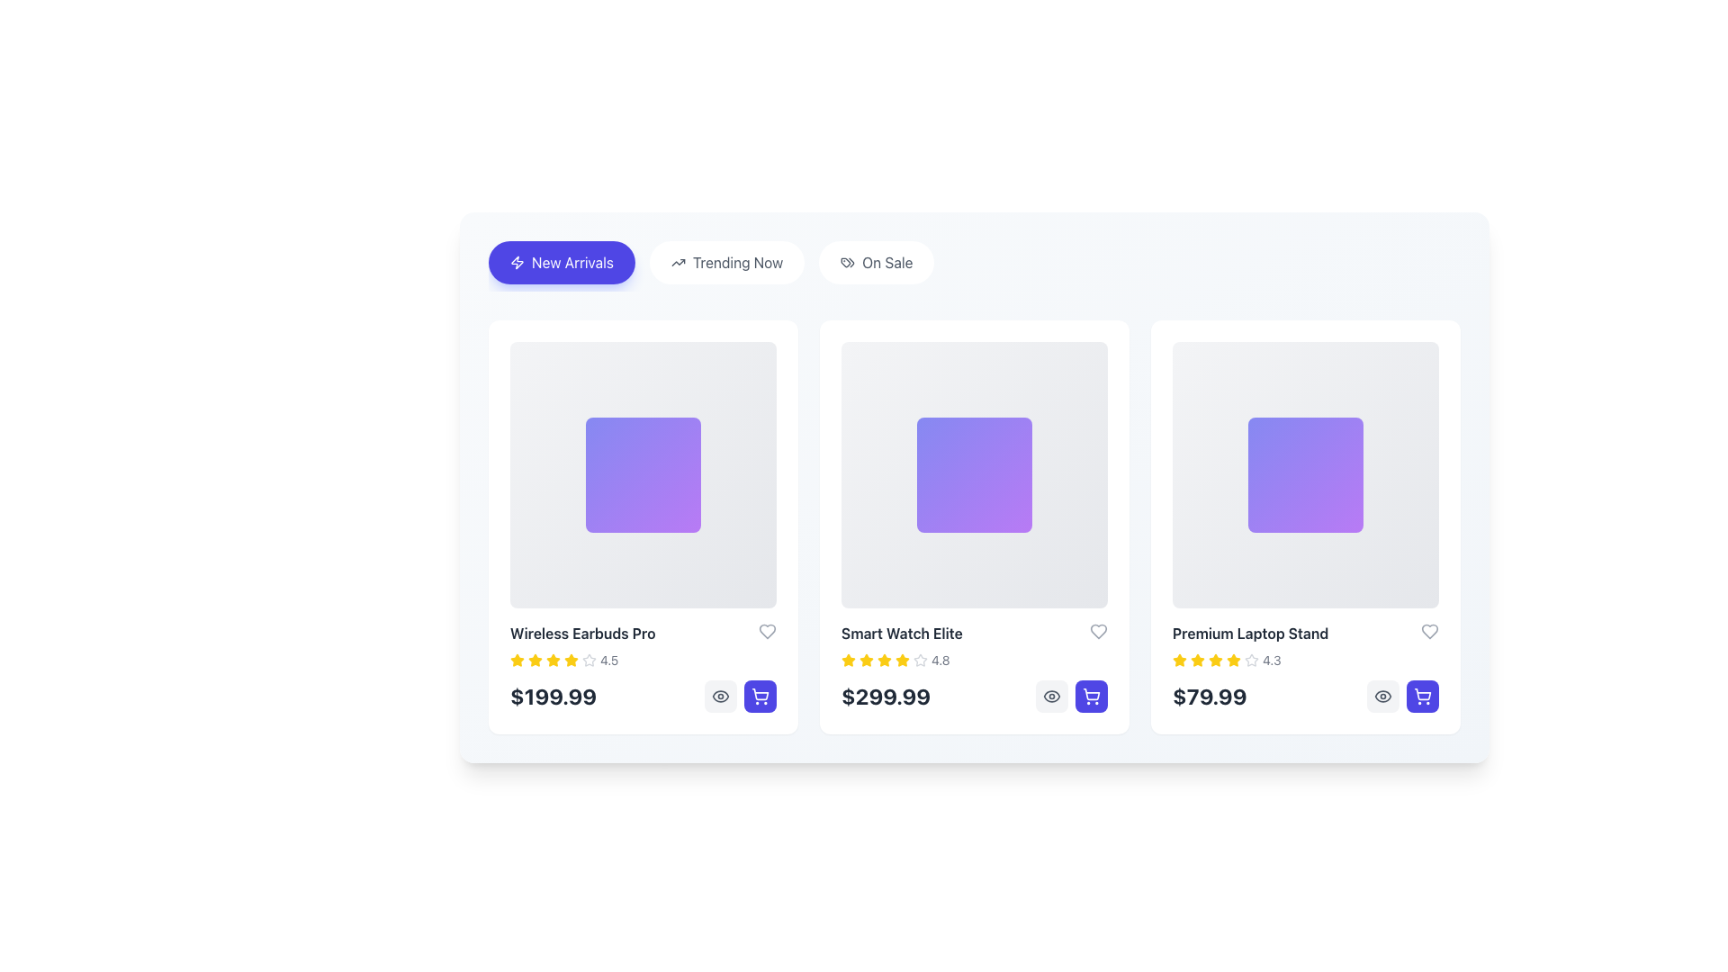 Image resolution: width=1728 pixels, height=972 pixels. Describe the element at coordinates (535, 660) in the screenshot. I see `the second yellow star icon in the rating stars for the first product card to rate it` at that location.